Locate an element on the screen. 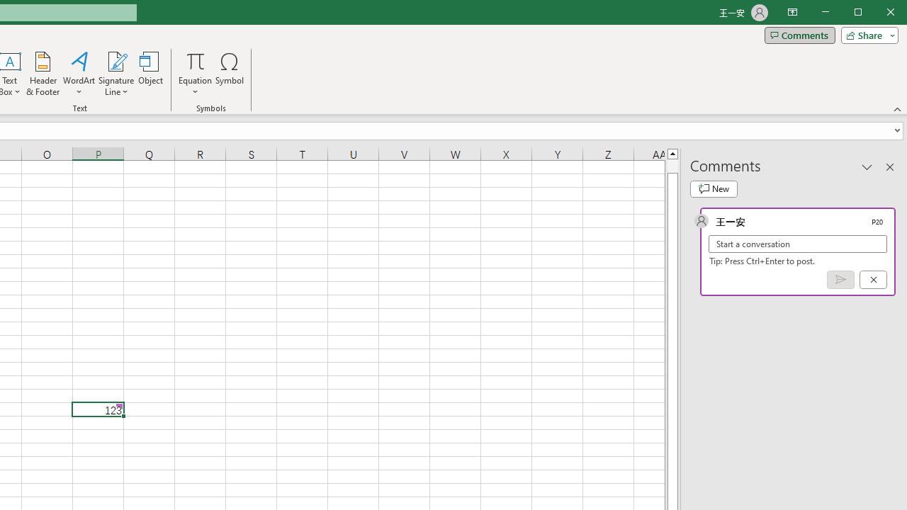 This screenshot has height=510, width=907. 'WordArt' is located at coordinates (79, 74).